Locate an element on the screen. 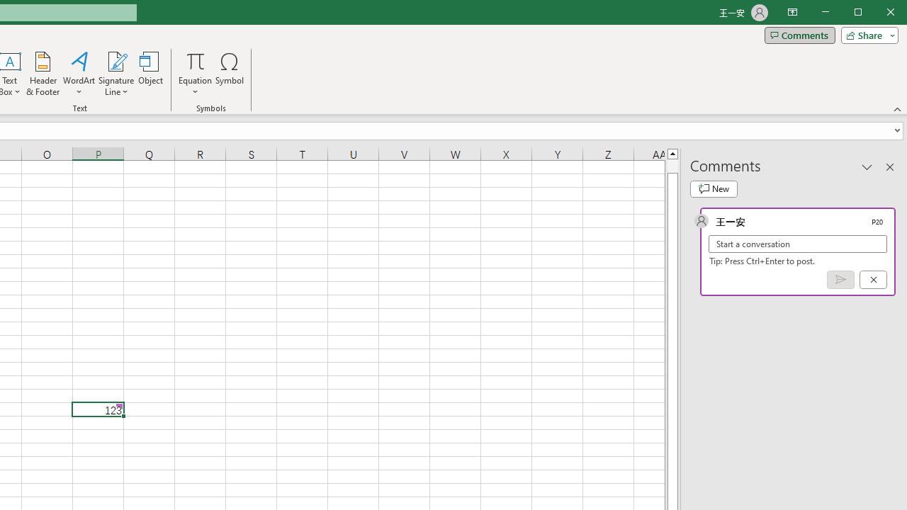 This screenshot has height=510, width=907. 'WordArt' is located at coordinates (79, 74).